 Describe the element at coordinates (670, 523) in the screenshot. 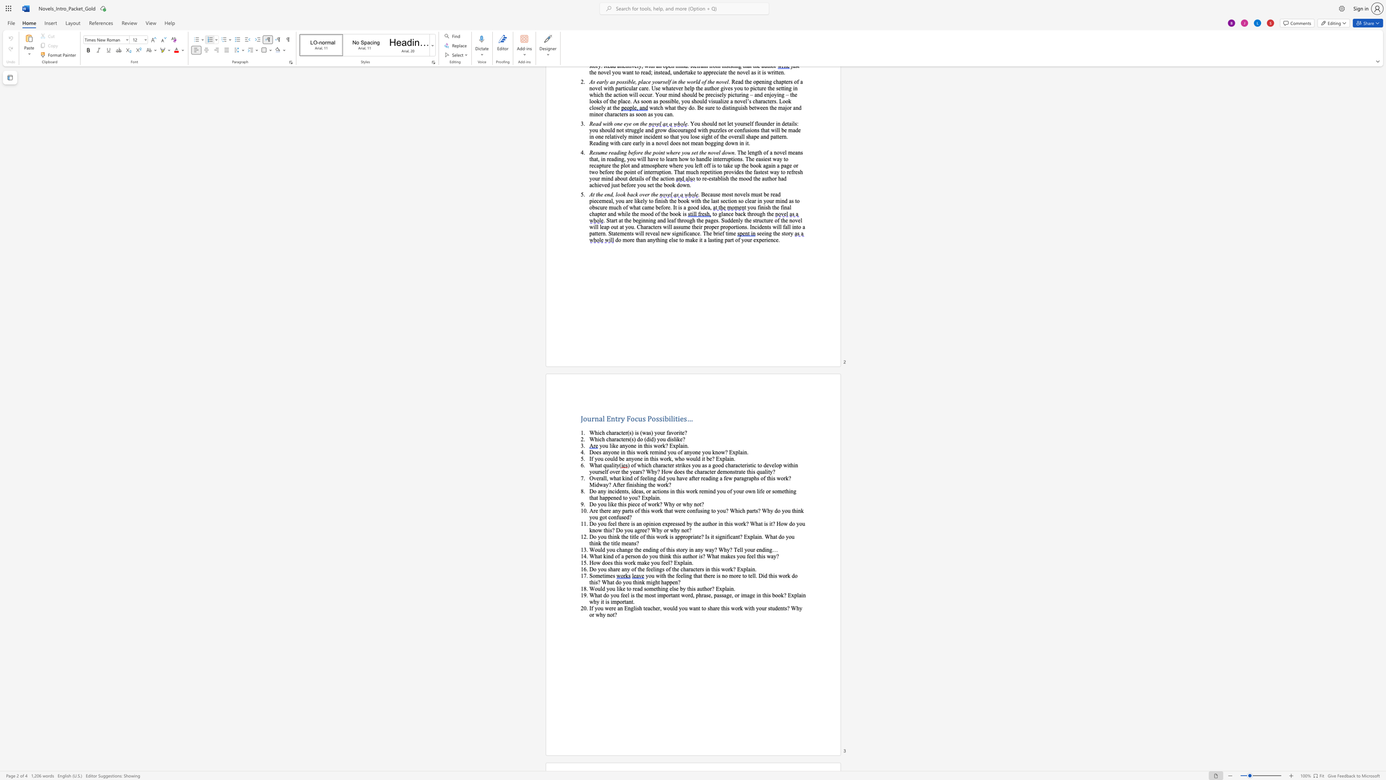

I see `the 2th character "r" in the text` at that location.